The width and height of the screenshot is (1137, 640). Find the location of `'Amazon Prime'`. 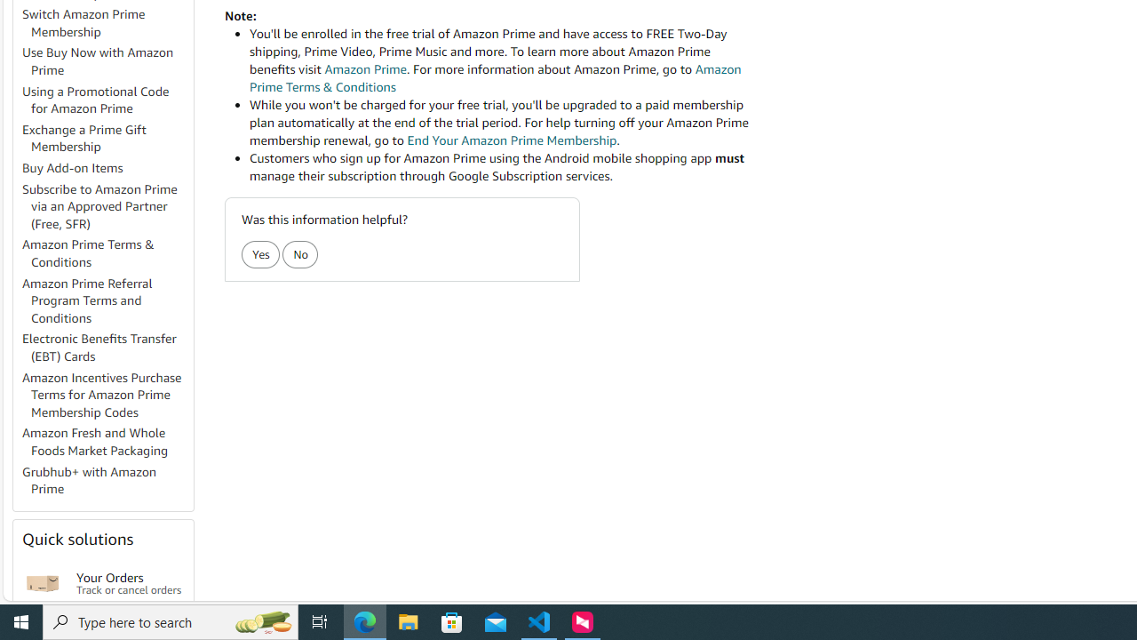

'Amazon Prime' is located at coordinates (364, 68).